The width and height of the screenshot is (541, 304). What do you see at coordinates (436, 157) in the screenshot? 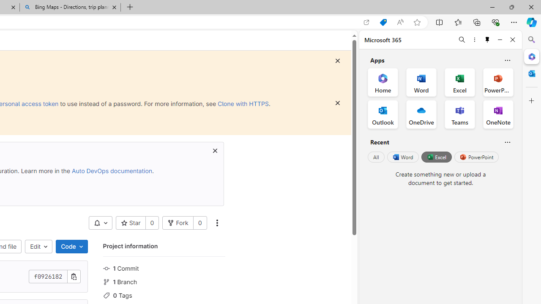
I see `'Excel'` at bounding box center [436, 157].